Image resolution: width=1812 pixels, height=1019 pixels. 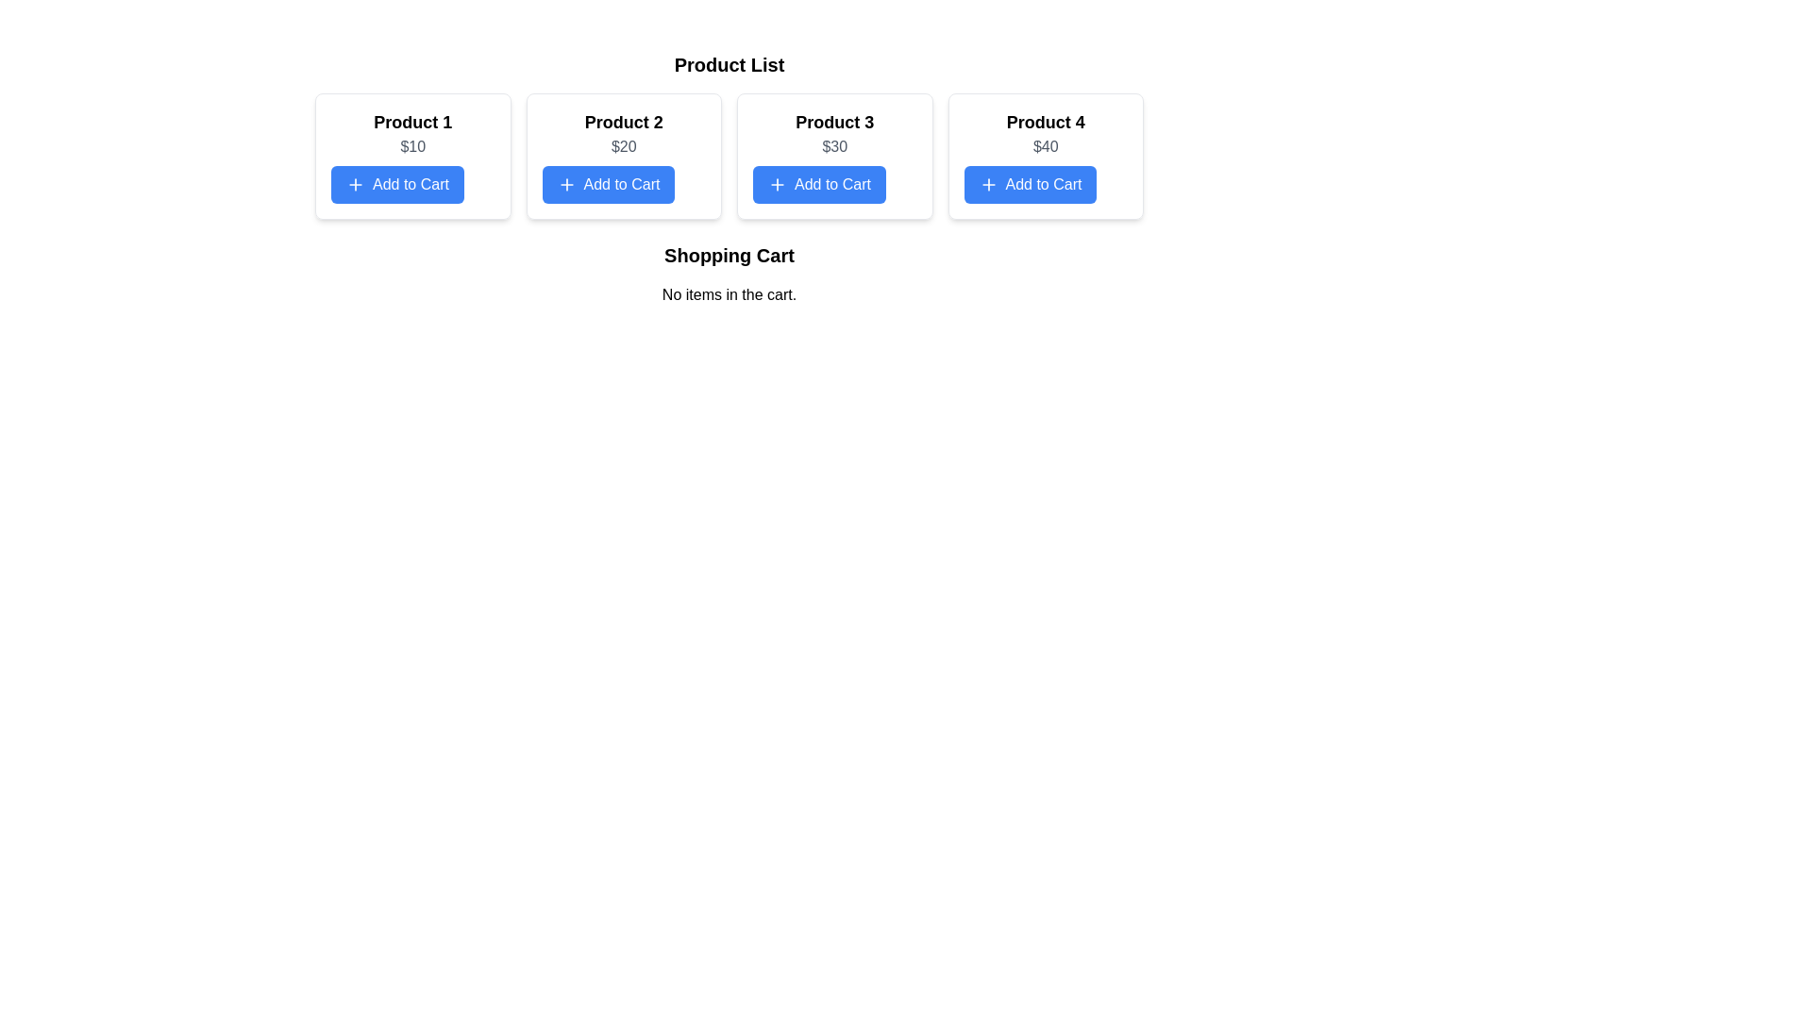 What do you see at coordinates (624, 155) in the screenshot?
I see `the 'Add to Cart' button on the 'Product 2' card in the product grid` at bounding box center [624, 155].